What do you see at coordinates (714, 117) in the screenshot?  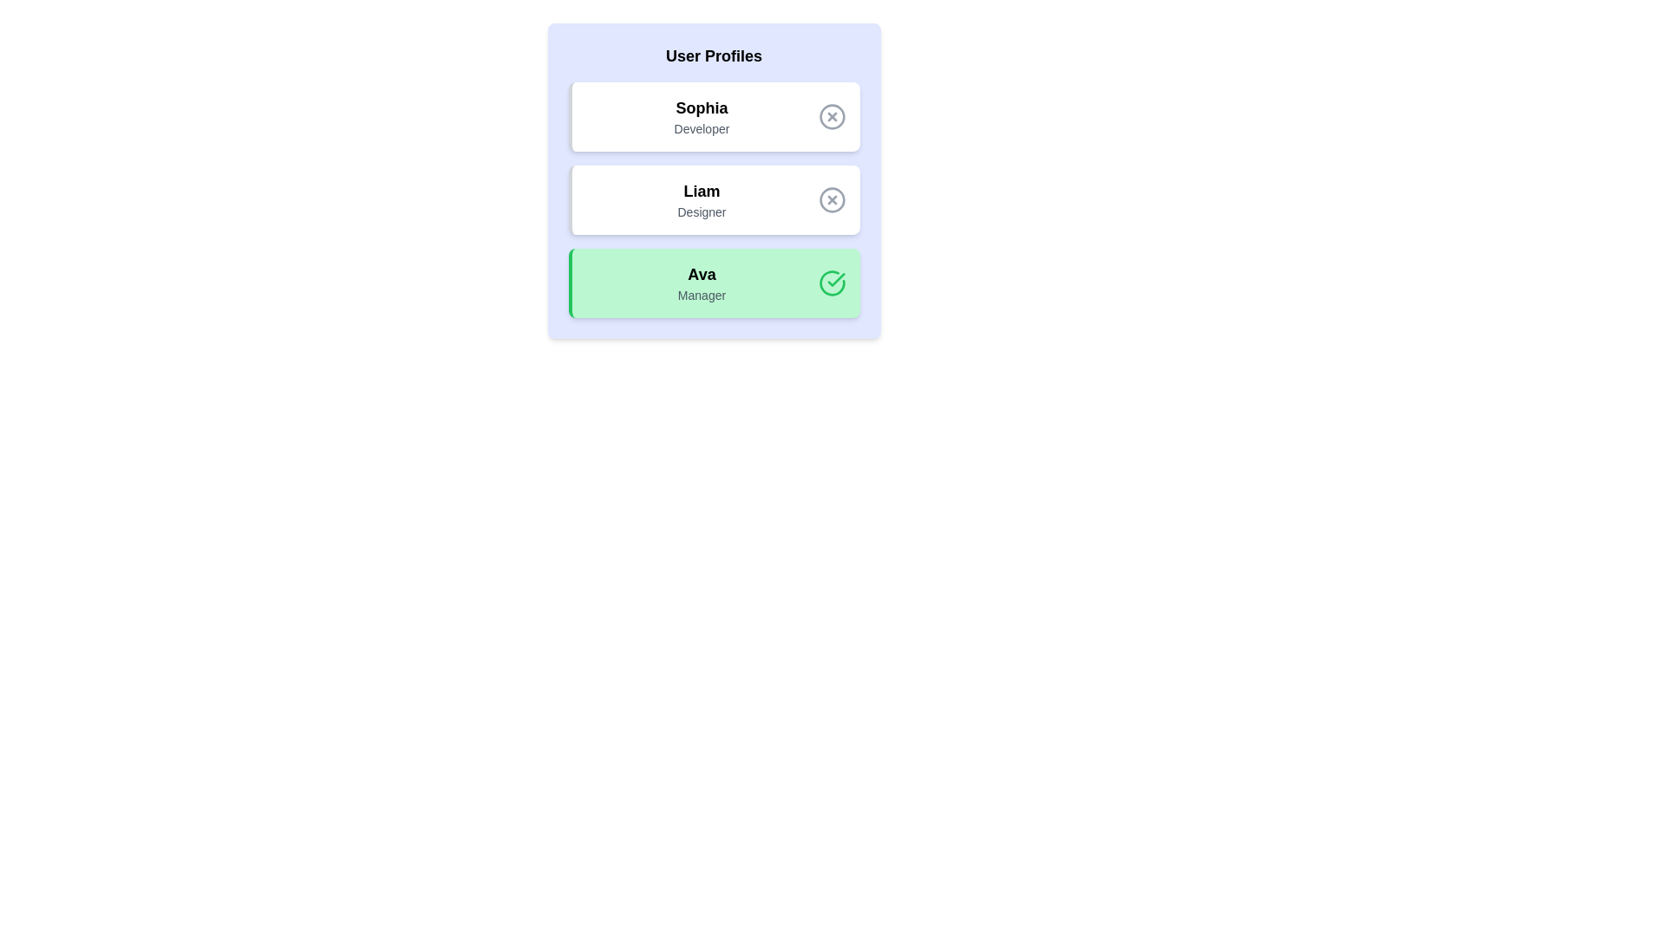 I see `the profile Sophia by clicking on it` at bounding box center [714, 117].